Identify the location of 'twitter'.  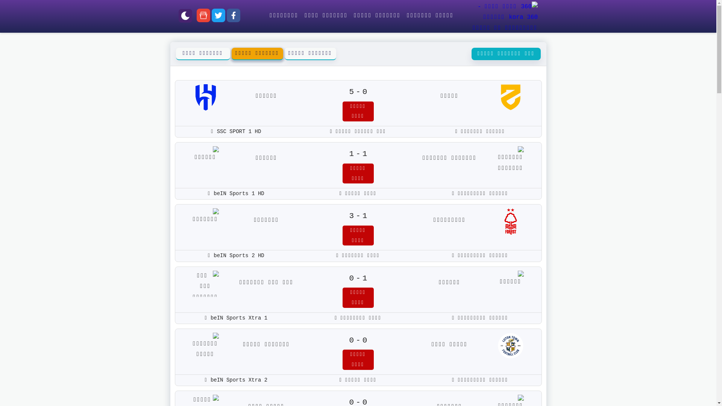
(218, 17).